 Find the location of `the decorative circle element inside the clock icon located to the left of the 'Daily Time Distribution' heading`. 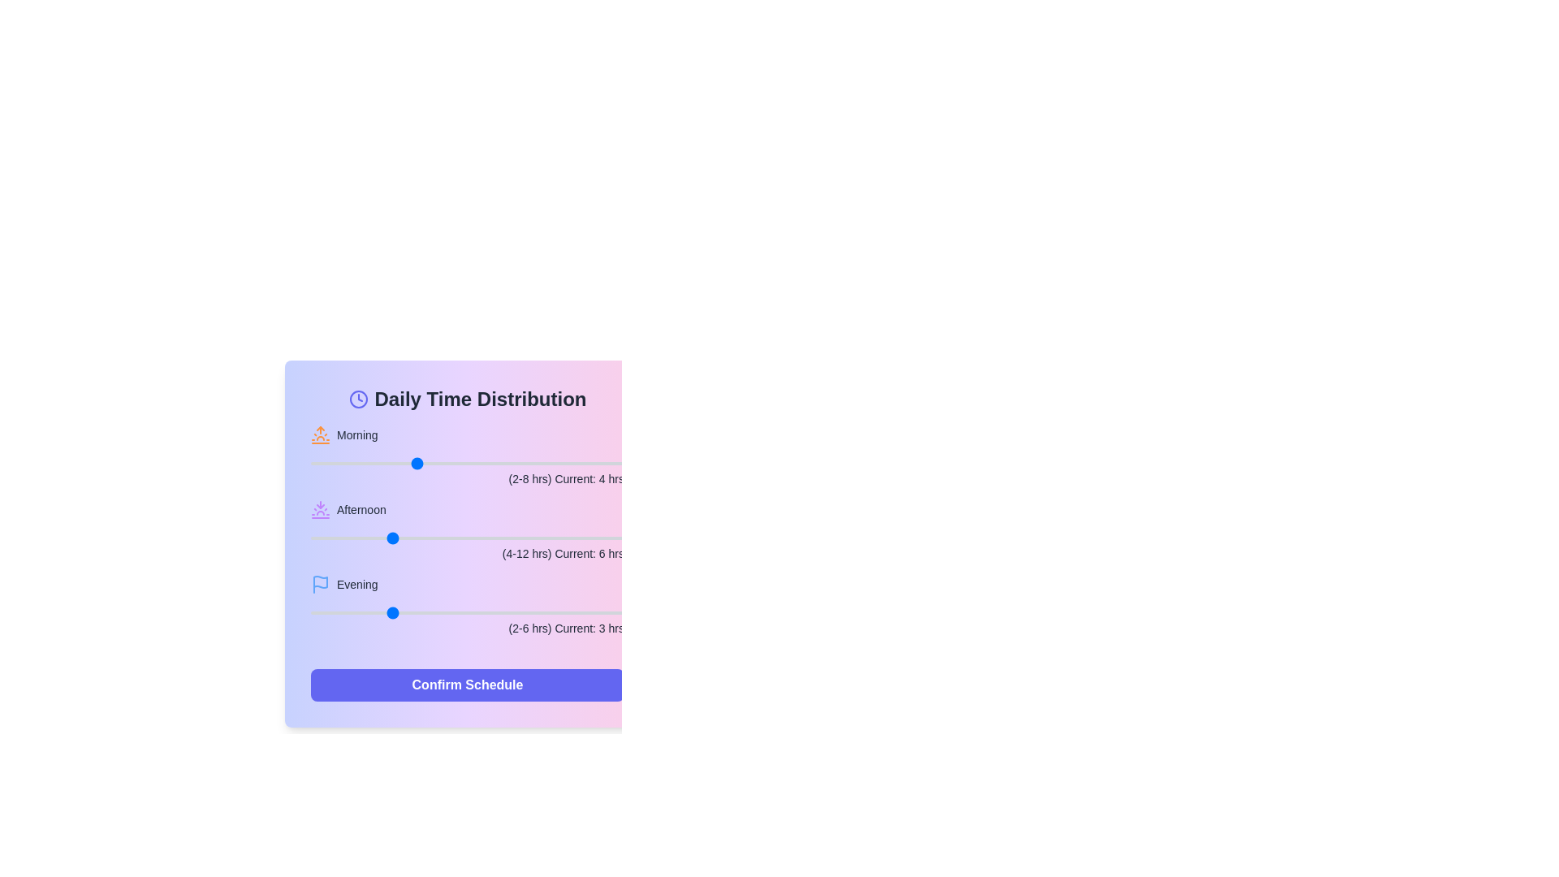

the decorative circle element inside the clock icon located to the left of the 'Daily Time Distribution' heading is located at coordinates (357, 400).